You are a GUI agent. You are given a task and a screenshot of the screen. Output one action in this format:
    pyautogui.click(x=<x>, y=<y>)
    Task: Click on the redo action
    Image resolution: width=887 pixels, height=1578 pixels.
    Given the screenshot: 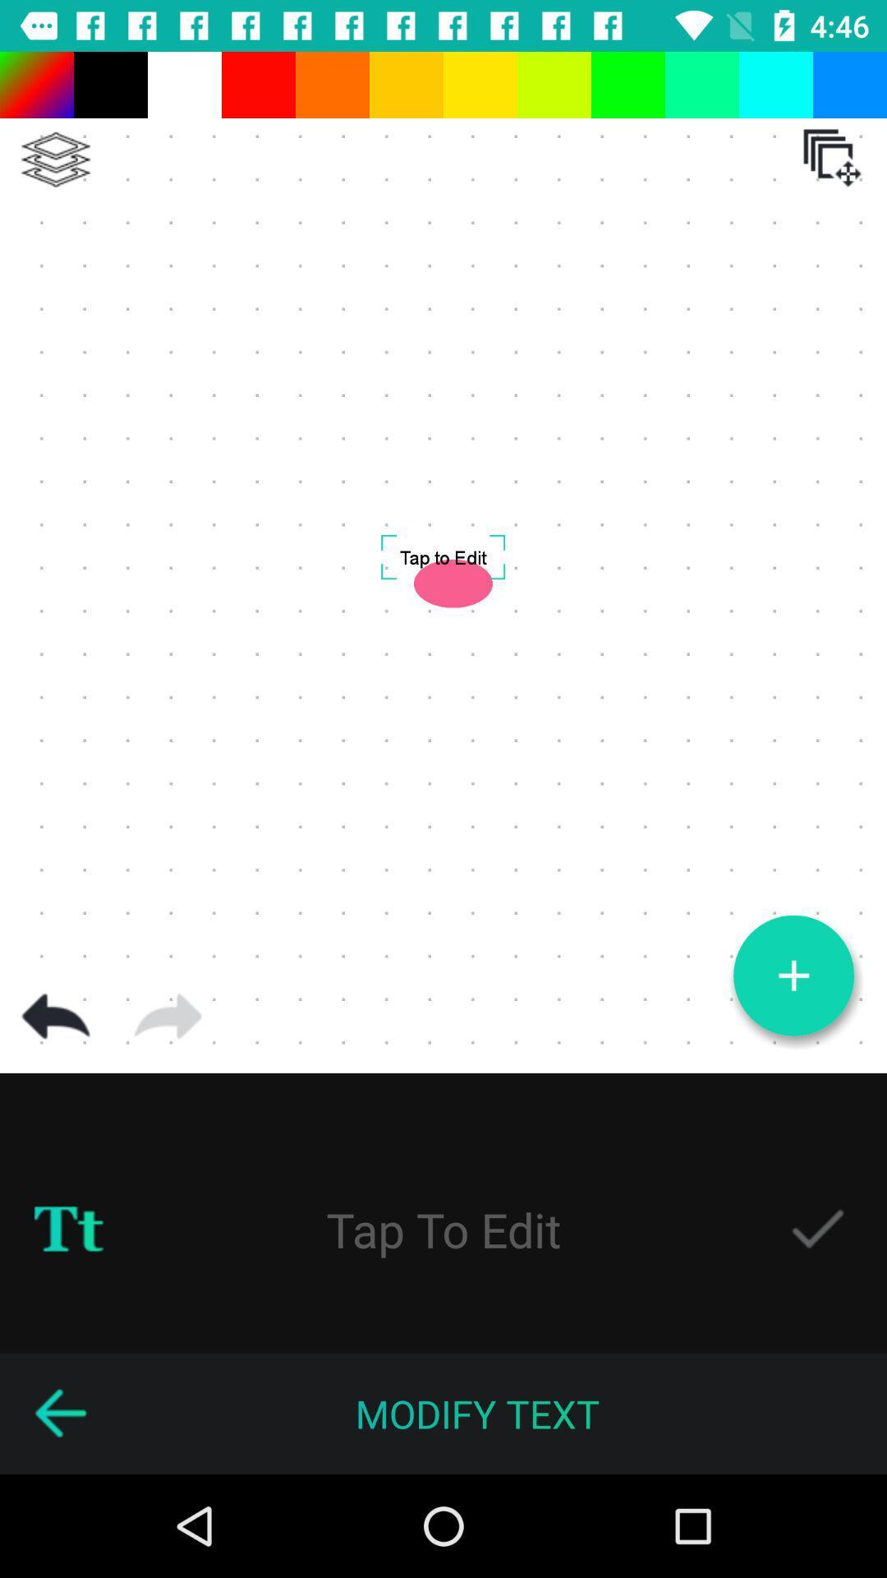 What is the action you would take?
    pyautogui.click(x=168, y=1016)
    